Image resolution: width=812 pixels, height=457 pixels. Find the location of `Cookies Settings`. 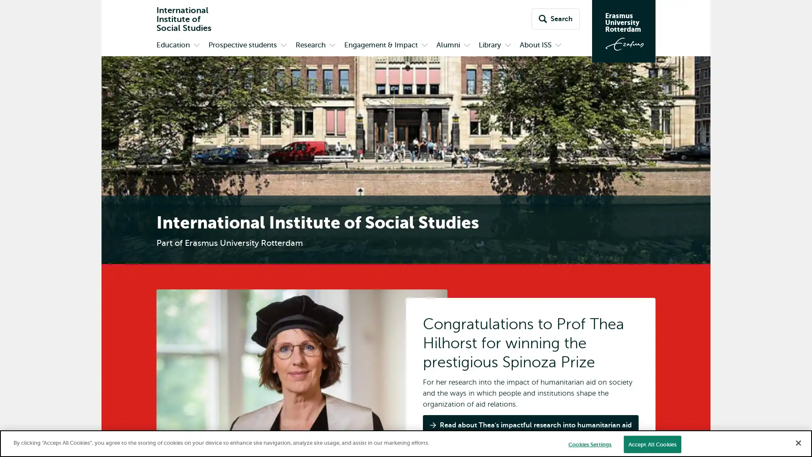

Cookies Settings is located at coordinates (589, 443).